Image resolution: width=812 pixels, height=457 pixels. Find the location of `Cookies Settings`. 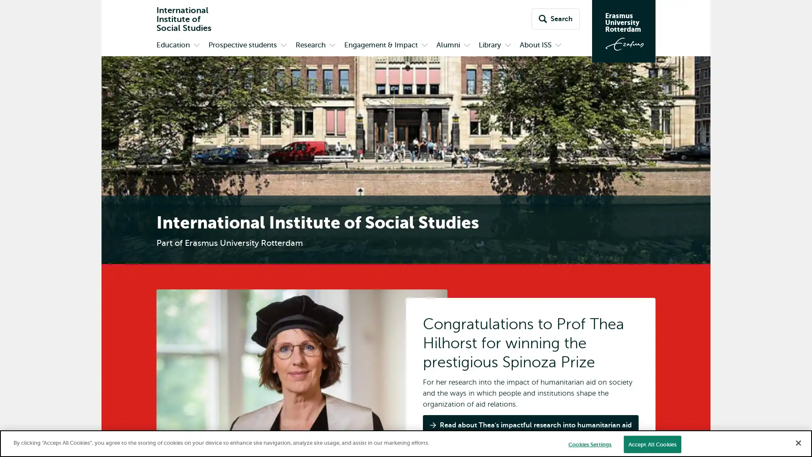

Cookies Settings is located at coordinates (589, 443).